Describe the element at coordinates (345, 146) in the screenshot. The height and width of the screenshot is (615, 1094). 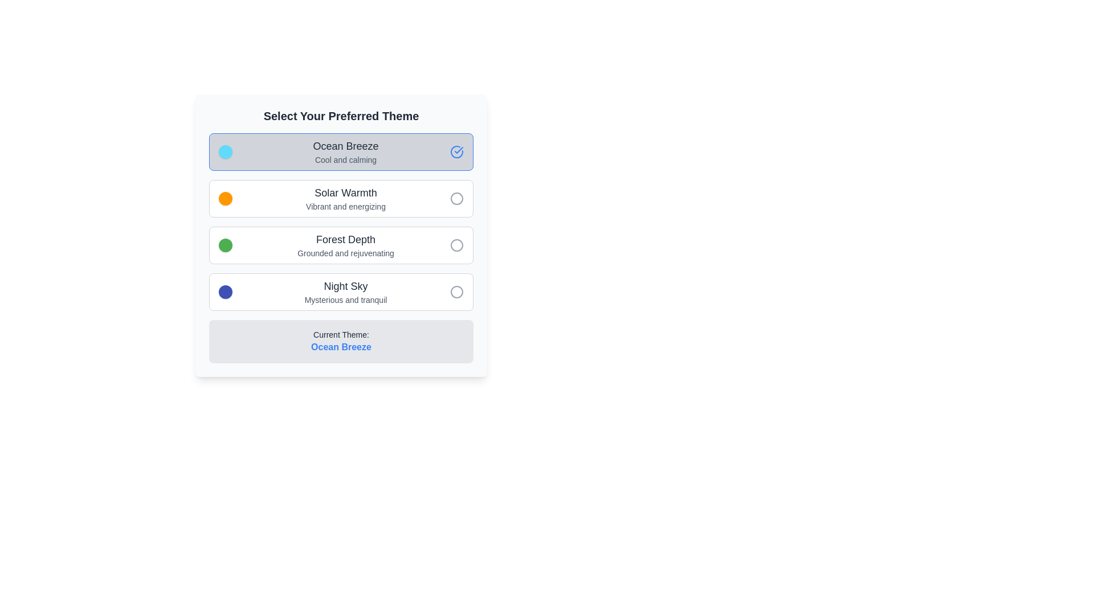
I see `the text label element reading 'Ocean Breeze' that is prominently displayed in bold font as part of the theme selection list, located at the top of the first theme option` at that location.